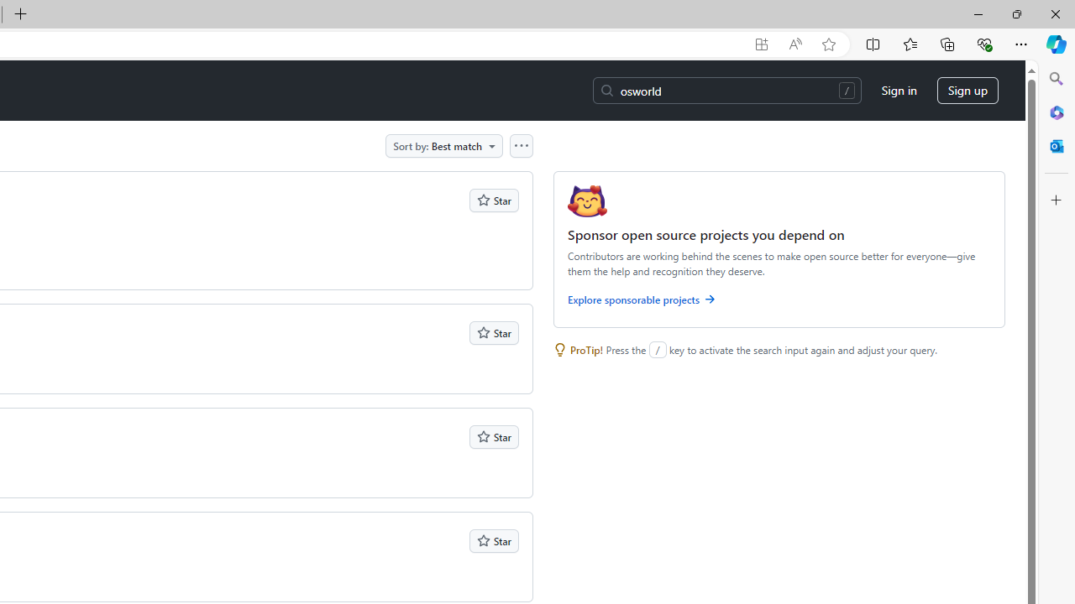 This screenshot has width=1075, height=604. Describe the element at coordinates (1056, 112) in the screenshot. I see `'Microsoft 365'` at that location.